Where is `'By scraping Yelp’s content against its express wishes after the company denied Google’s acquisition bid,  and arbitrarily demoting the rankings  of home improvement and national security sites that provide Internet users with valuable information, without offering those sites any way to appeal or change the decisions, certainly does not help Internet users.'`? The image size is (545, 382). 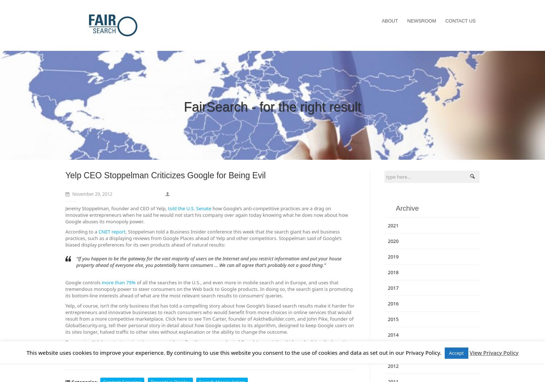 'By scraping Yelp’s content against its express wishes after the company denied Google’s acquisition bid,  and arbitrarily demoting the rankings  of home improvement and national security sites that provide Internet users with valuable information, without offering those sites any way to appeal or change the decisions, certainly does not help Internet users.' is located at coordinates (208, 348).